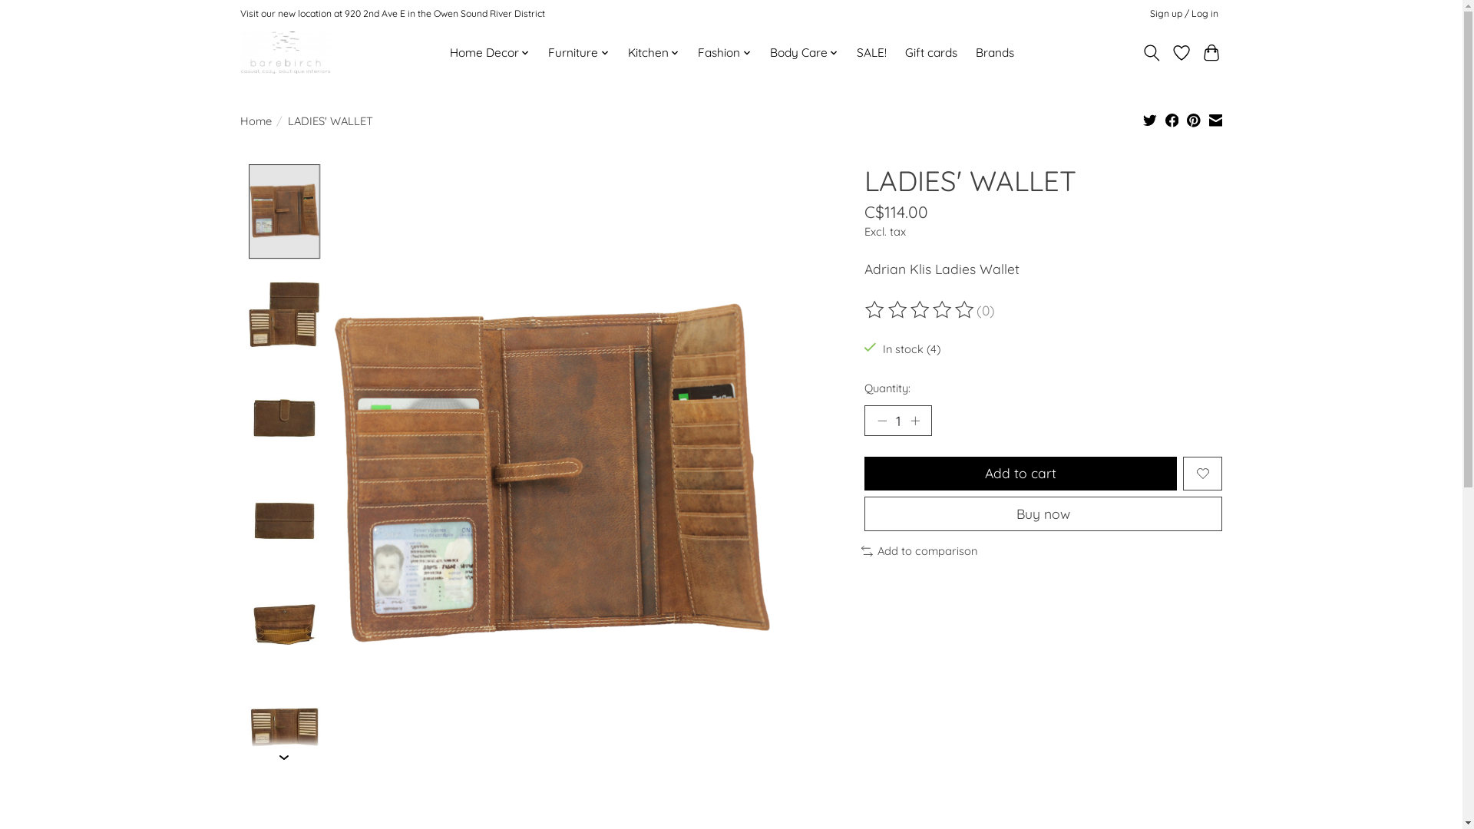 The height and width of the screenshot is (829, 1474). Describe the element at coordinates (692, 51) in the screenshot. I see `'Fashion'` at that location.